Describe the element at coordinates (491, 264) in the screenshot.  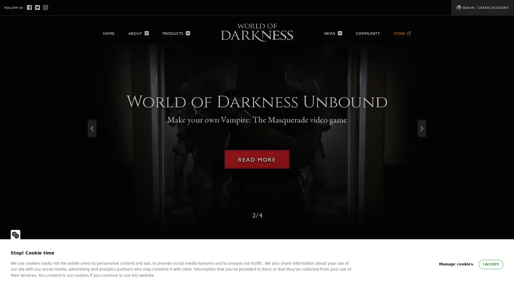
I see `I ACCEPT` at that location.